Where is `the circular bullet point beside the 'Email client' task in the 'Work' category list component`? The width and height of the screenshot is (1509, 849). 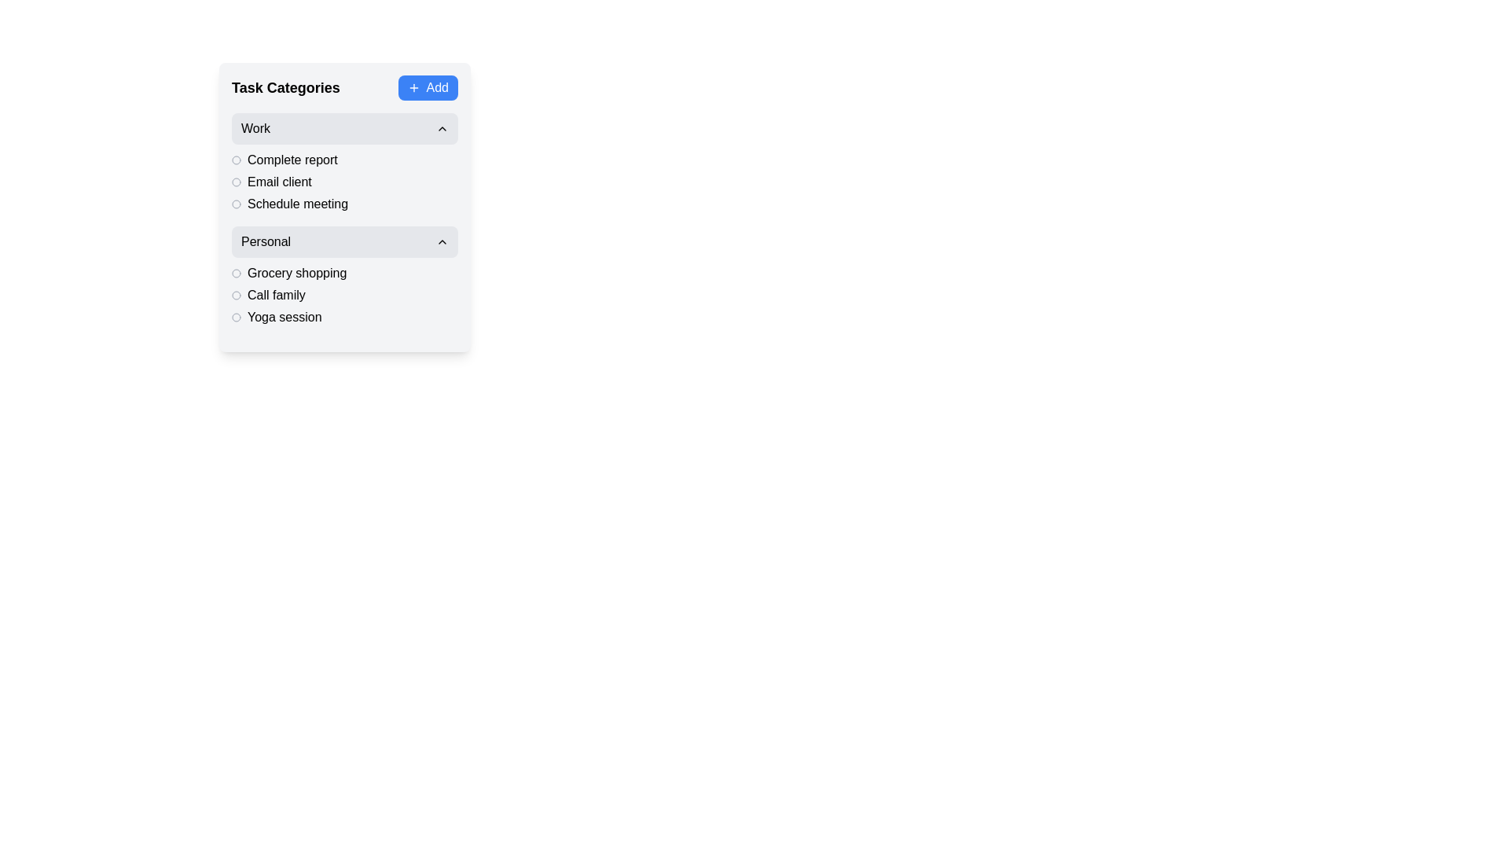 the circular bullet point beside the 'Email client' task in the 'Work' category list component is located at coordinates (343, 181).